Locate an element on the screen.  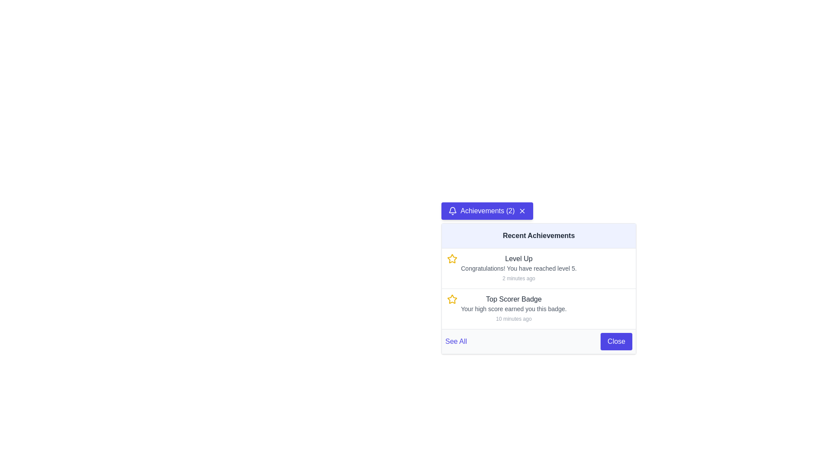
the yellow star icon with a white interior and a hollow center, located next to the text 'Top Scorer Badge' in the Achievements notification panel is located at coordinates (452, 258).